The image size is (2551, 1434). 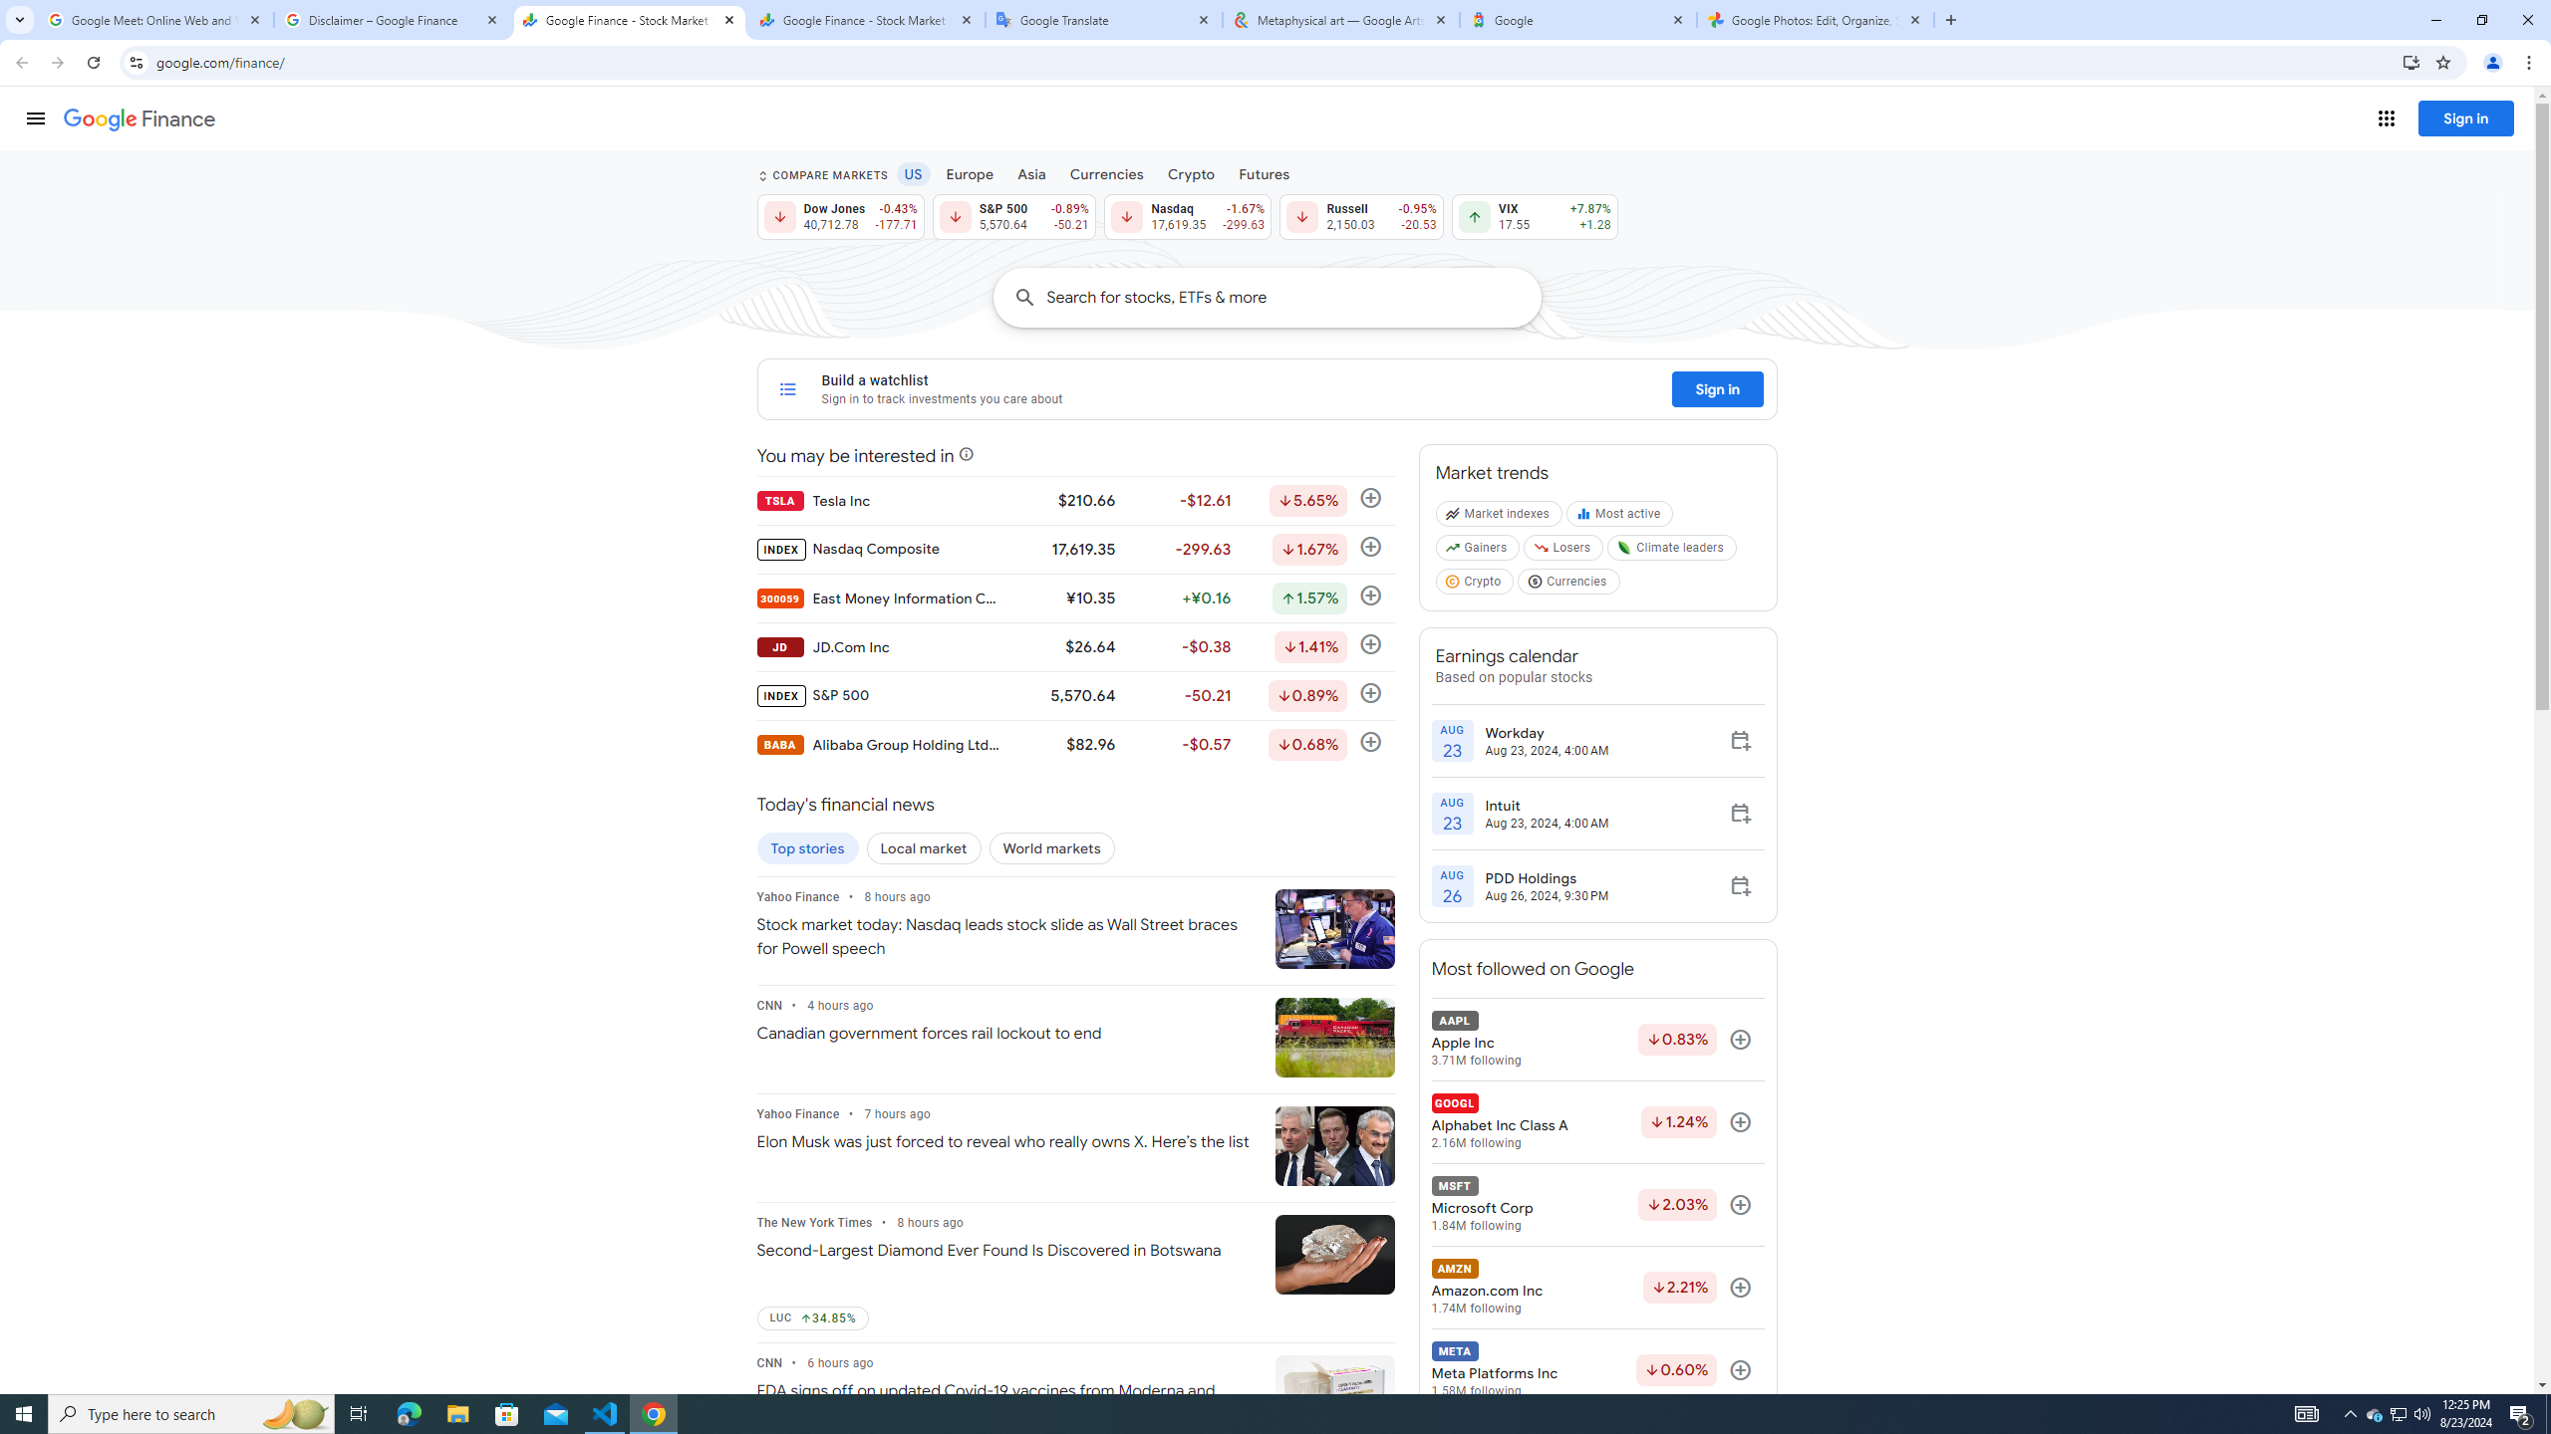 What do you see at coordinates (913, 172) in the screenshot?
I see `'US'` at bounding box center [913, 172].